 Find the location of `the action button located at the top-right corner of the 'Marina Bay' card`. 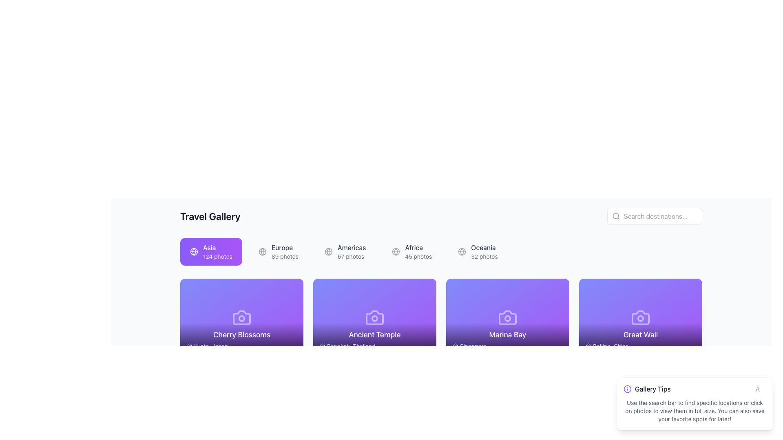

the action button located at the top-right corner of the 'Marina Bay' card is located at coordinates (555, 292).